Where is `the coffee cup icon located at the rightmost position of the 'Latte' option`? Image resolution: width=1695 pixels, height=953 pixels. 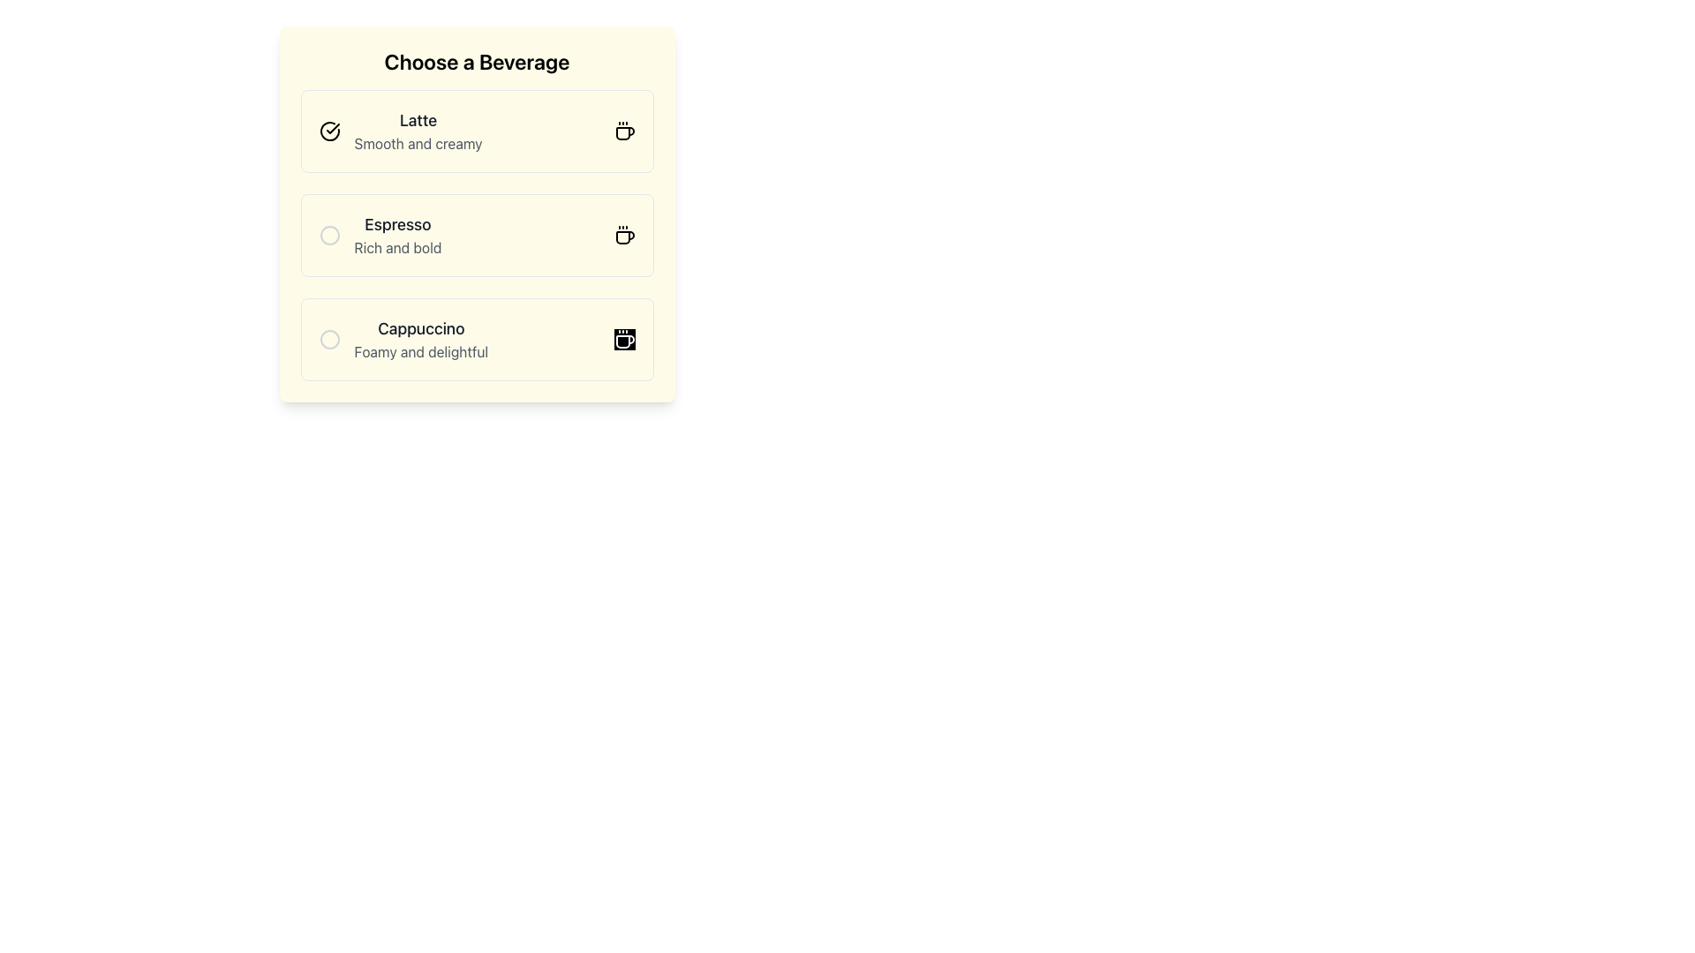 the coffee cup icon located at the rightmost position of the 'Latte' option is located at coordinates (624, 131).